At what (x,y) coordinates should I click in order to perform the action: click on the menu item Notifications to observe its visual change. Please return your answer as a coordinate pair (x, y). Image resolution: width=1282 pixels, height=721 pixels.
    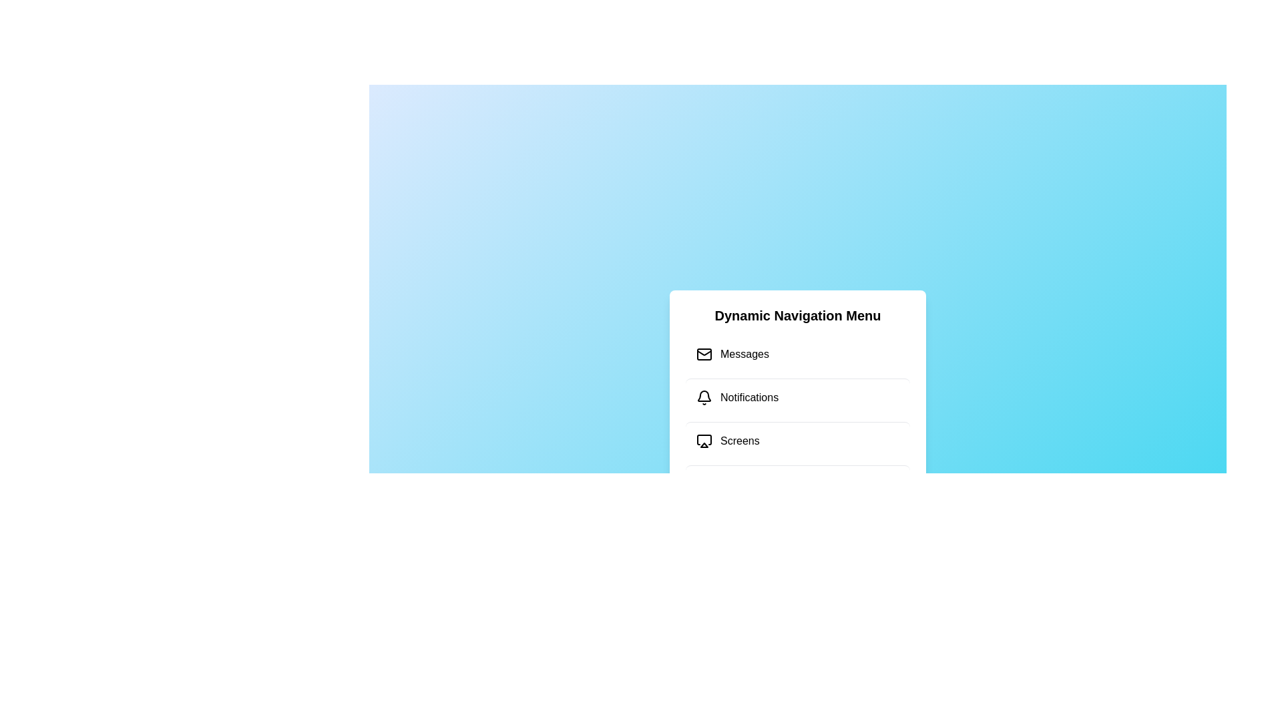
    Looking at the image, I should click on (798, 396).